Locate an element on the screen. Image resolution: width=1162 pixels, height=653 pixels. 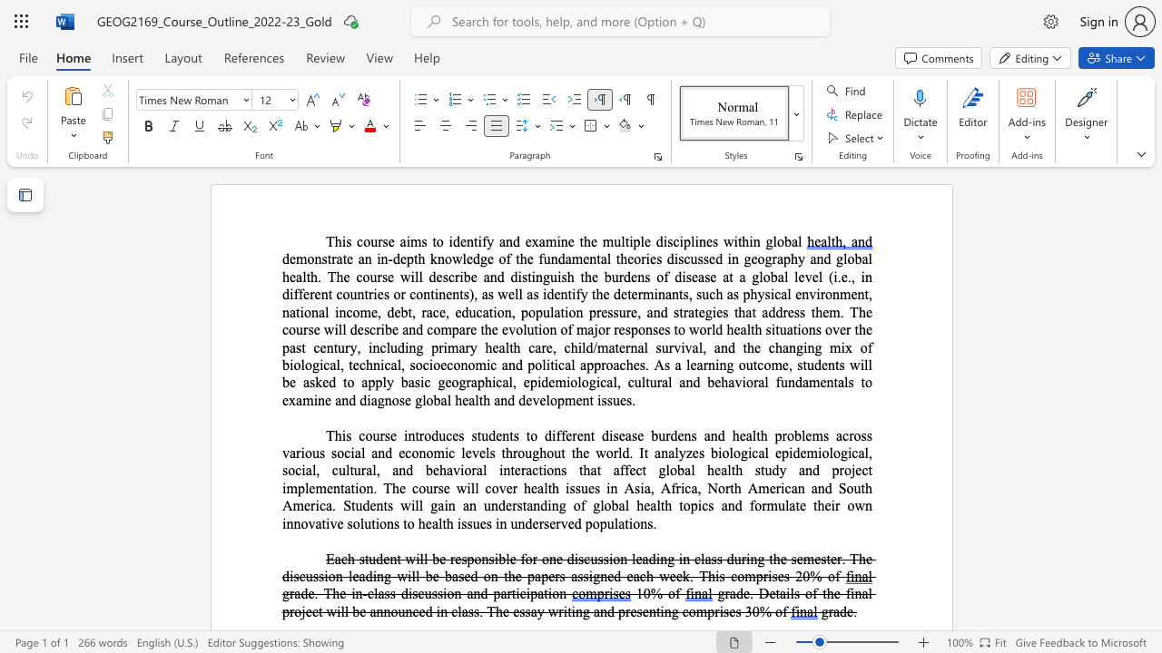
the 6th character "n" in the text is located at coordinates (285, 311).